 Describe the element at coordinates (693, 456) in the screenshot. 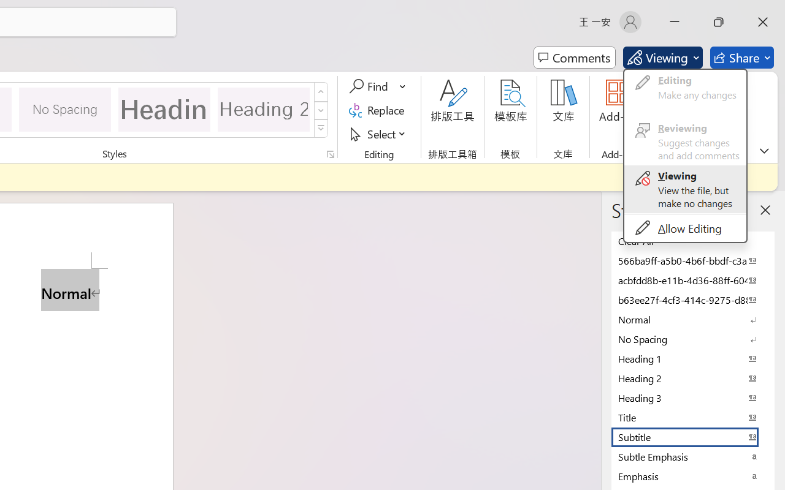

I see `'Subtle Emphasis'` at that location.